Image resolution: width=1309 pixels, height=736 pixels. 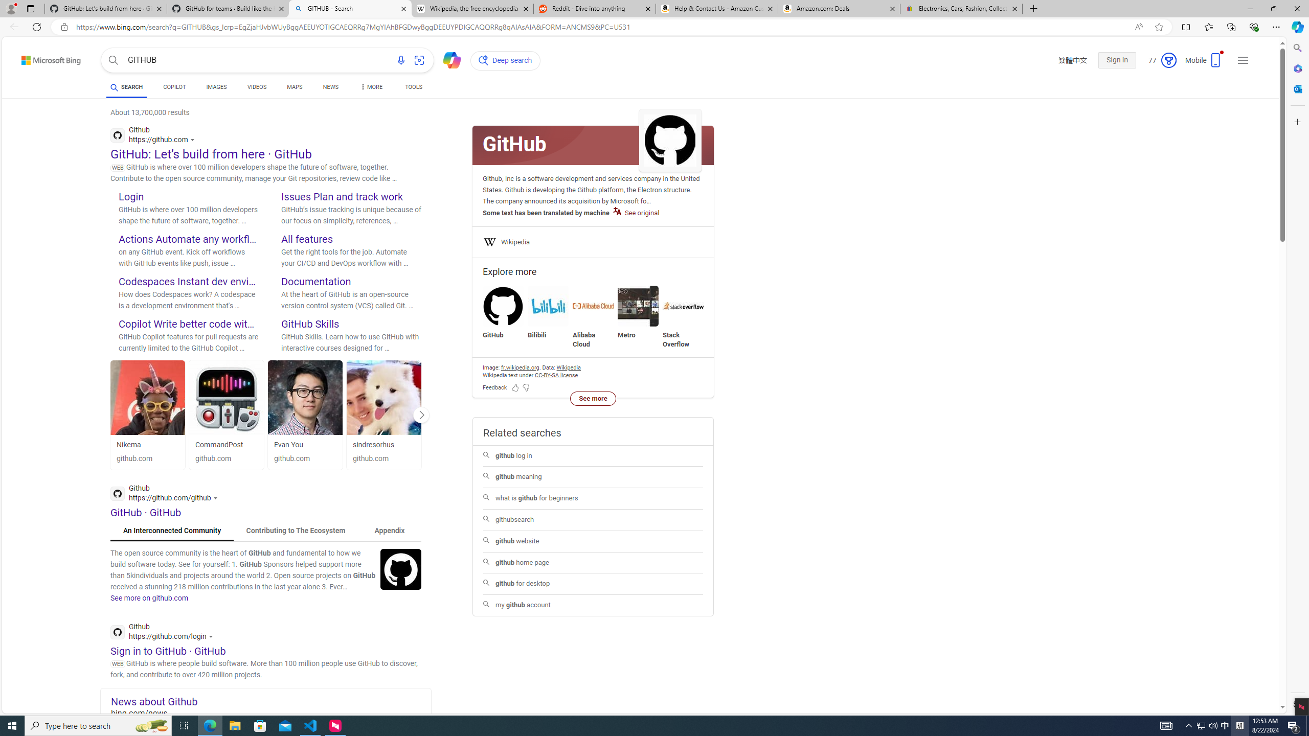 What do you see at coordinates (838, 8) in the screenshot?
I see `'Amazon.com: Deals'` at bounding box center [838, 8].